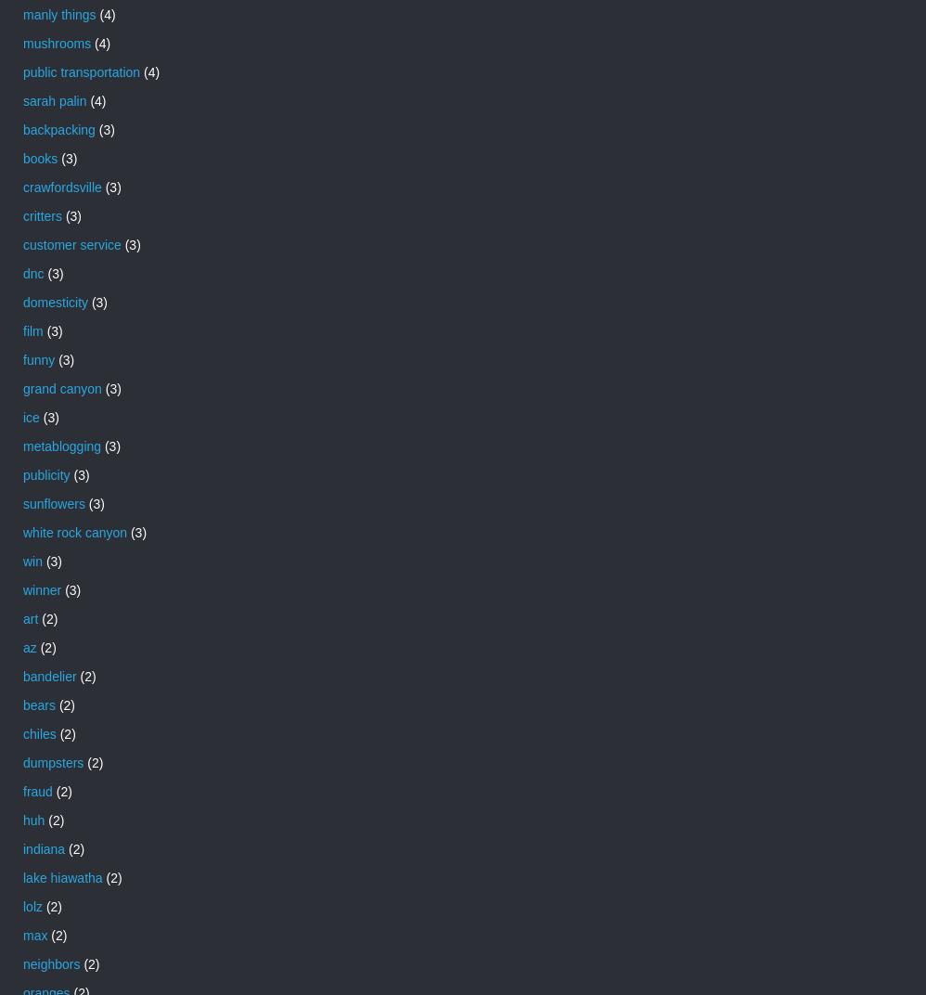  I want to click on 'max', so click(35, 935).